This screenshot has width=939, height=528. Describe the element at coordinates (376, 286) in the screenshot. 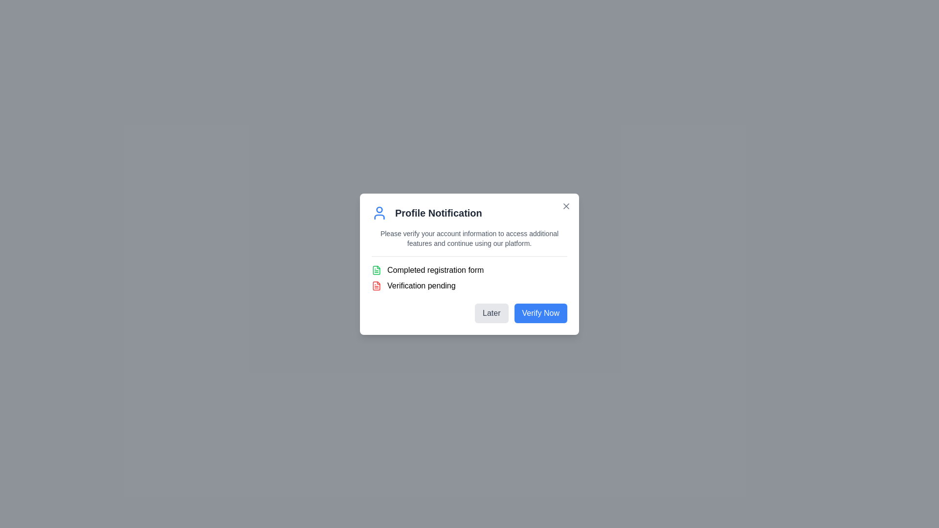

I see `the red document glyph icon indicating 'Verification pending' status within the 'Profile Notification' dialog box` at that location.